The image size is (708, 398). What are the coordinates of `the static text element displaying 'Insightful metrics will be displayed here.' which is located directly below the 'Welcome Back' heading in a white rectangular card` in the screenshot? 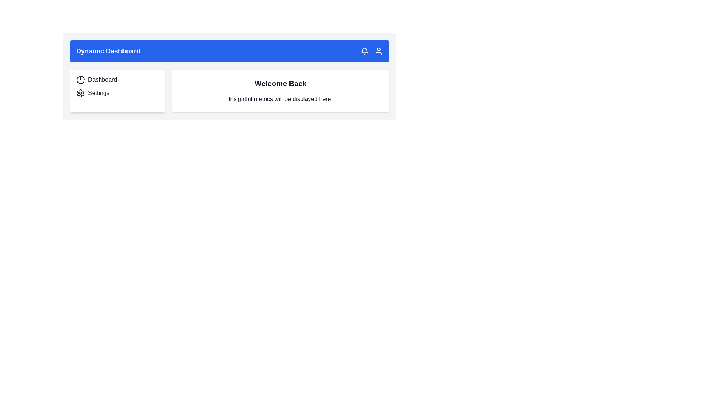 It's located at (280, 99).